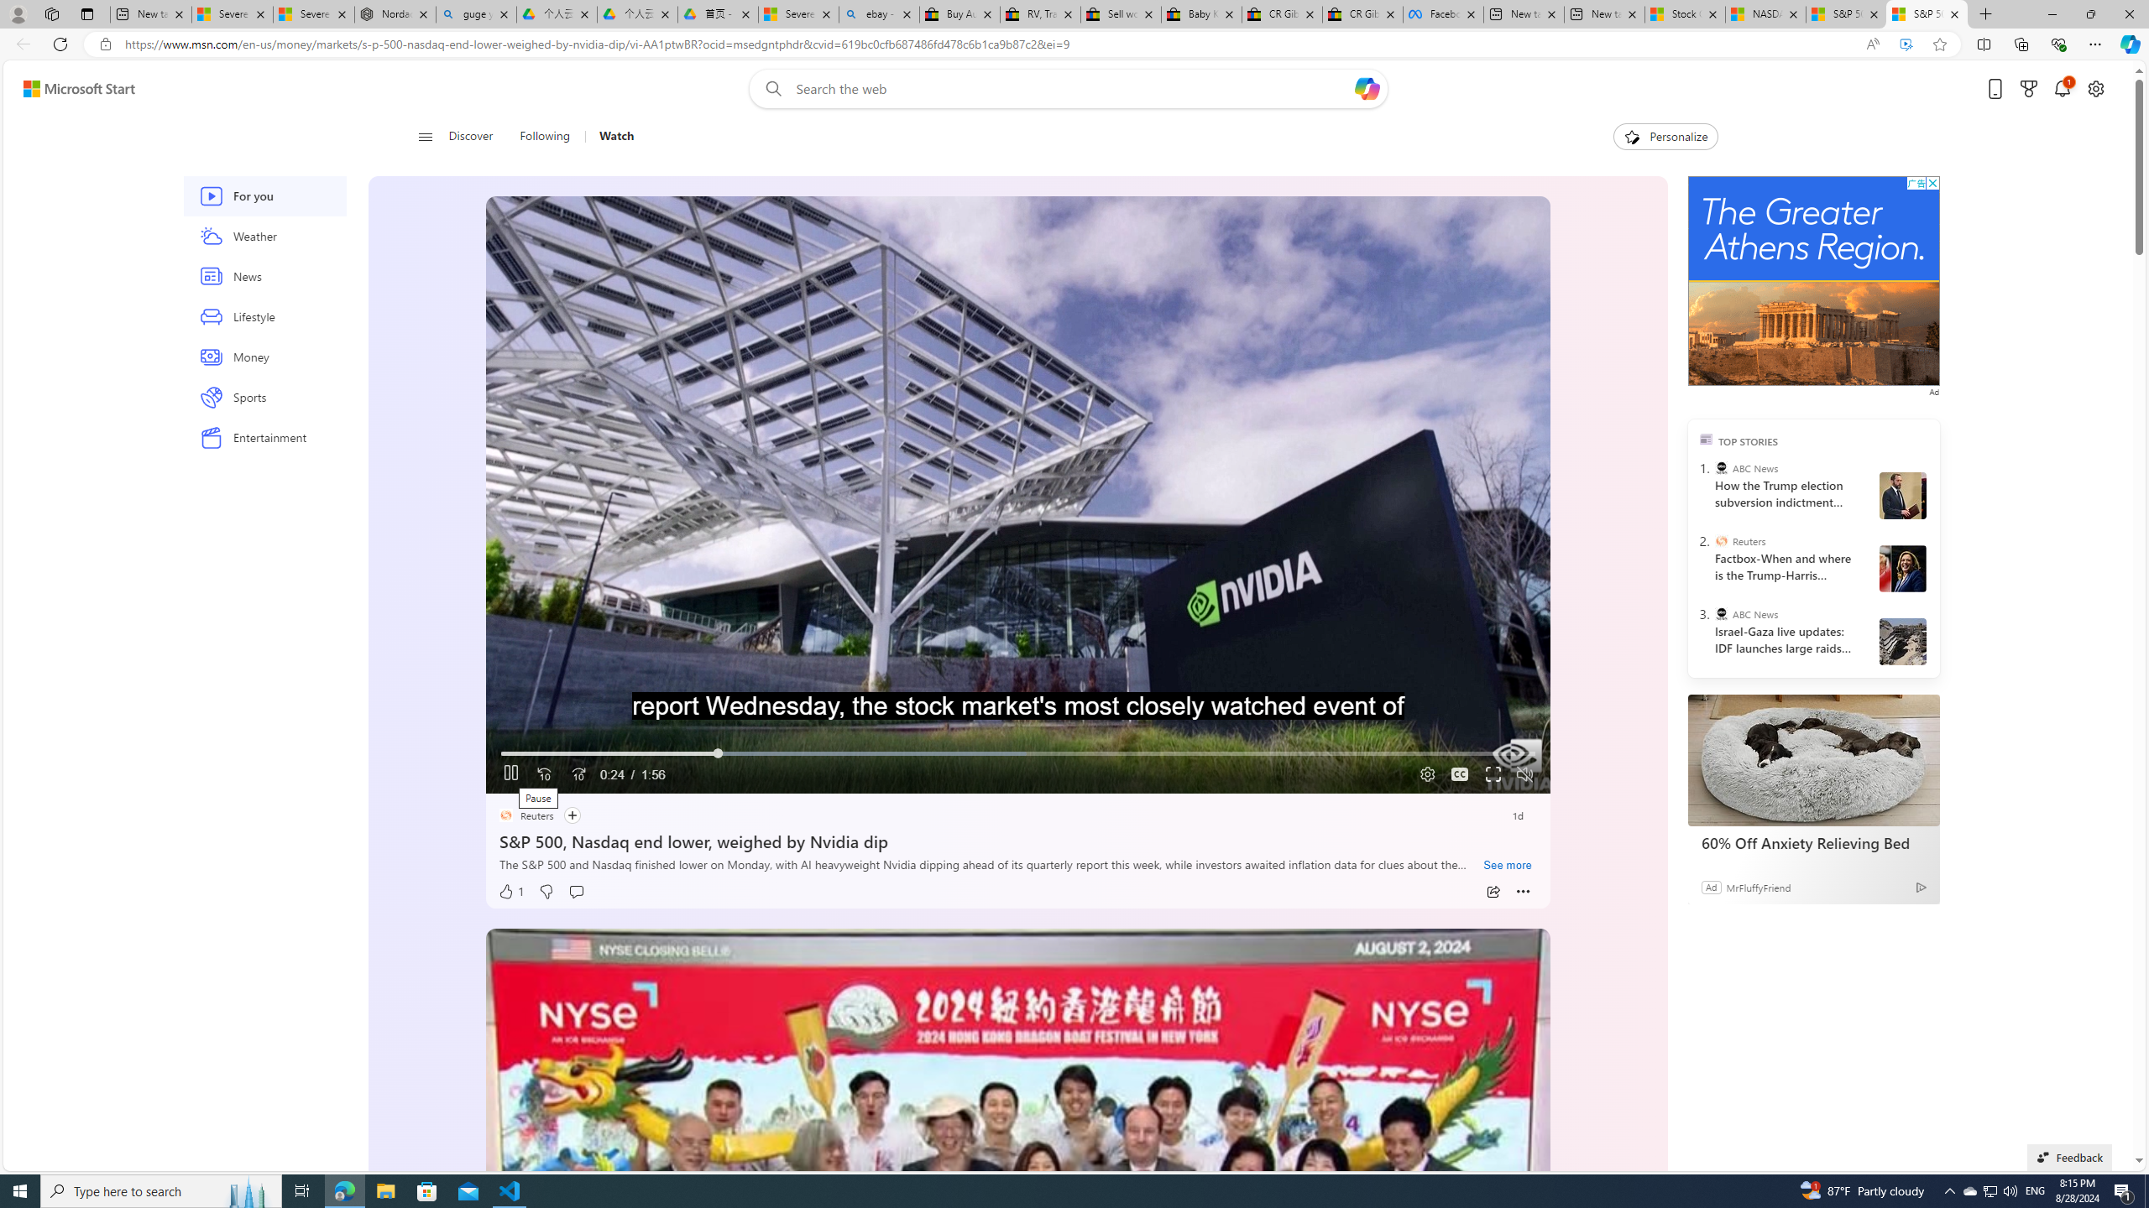 The image size is (2149, 1208). What do you see at coordinates (571, 815) in the screenshot?
I see `'Follow'` at bounding box center [571, 815].